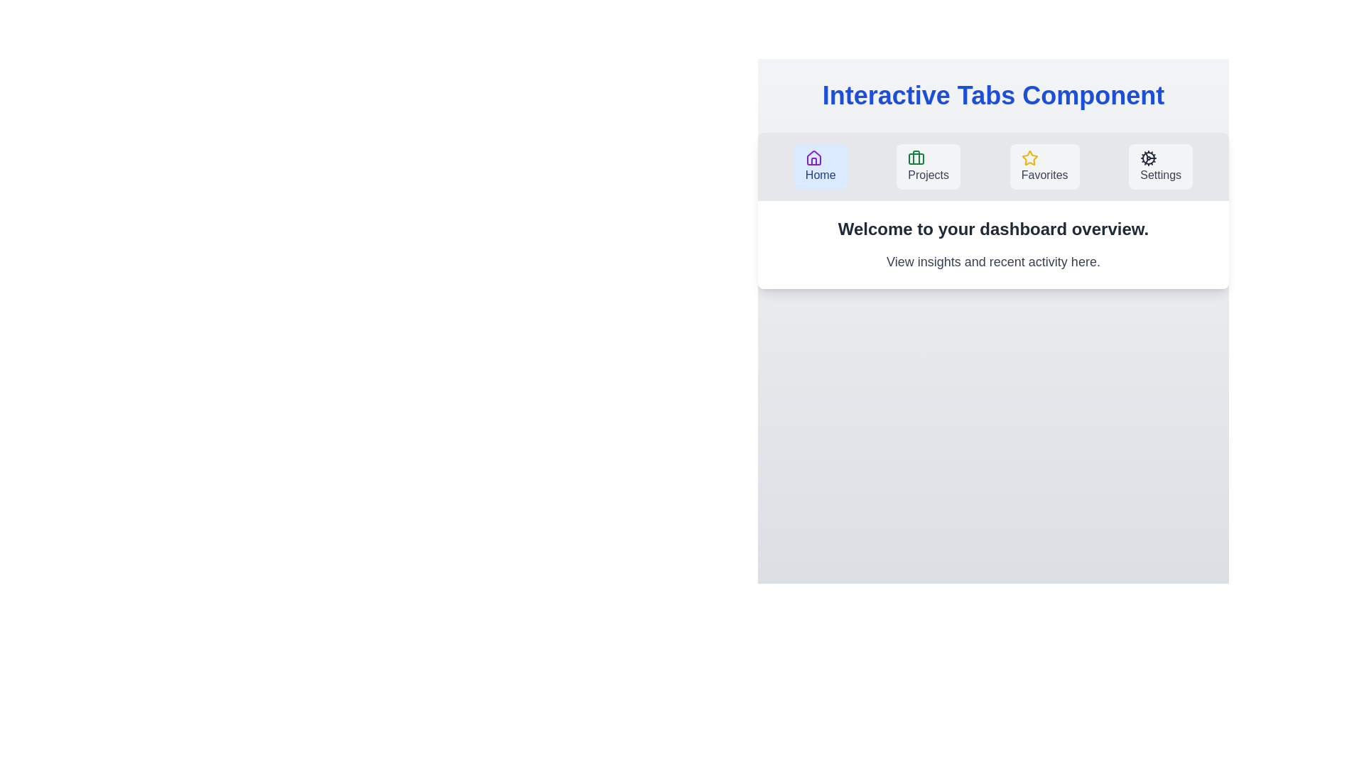 Image resolution: width=1364 pixels, height=767 pixels. I want to click on the Home tab by clicking on its button, so click(821, 166).